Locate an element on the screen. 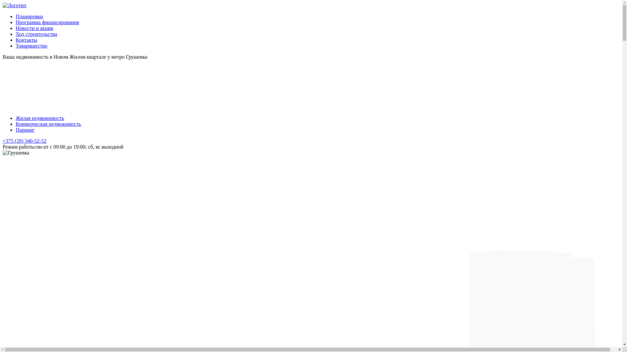 Image resolution: width=627 pixels, height=352 pixels. '+375 (29) 340-52-52' is located at coordinates (24, 140).